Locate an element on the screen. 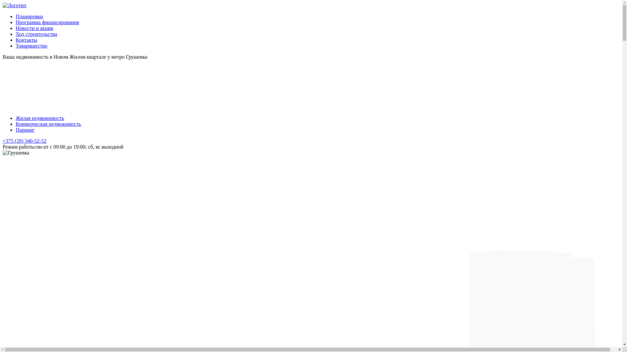 Image resolution: width=627 pixels, height=352 pixels. '+375 (29) 340-52-52' is located at coordinates (24, 140).